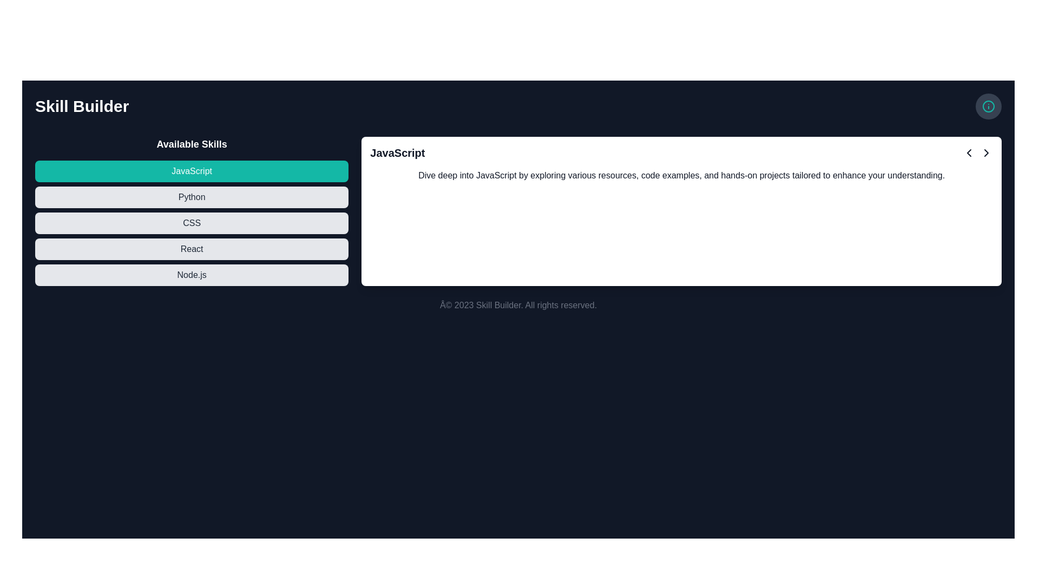  Describe the element at coordinates (192, 197) in the screenshot. I see `the rounded rectangular button labeled 'Python'` at that location.